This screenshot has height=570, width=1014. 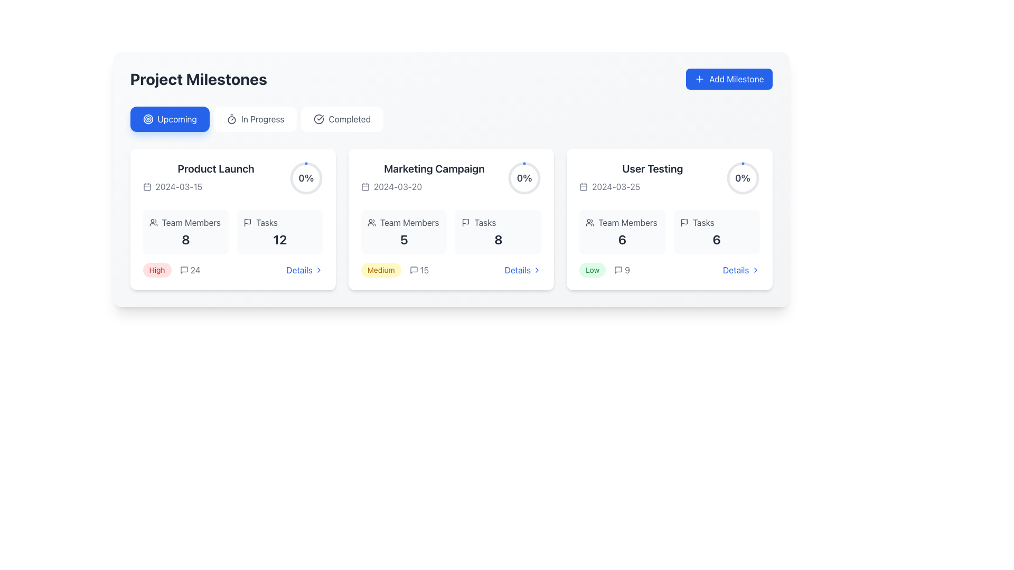 I want to click on the interactive numbers displayed under 'Team Members' and 'Tasks' in the 'Marketing Campaign' card, which shows the statistics of 5 and 8 respectively, so click(x=451, y=231).